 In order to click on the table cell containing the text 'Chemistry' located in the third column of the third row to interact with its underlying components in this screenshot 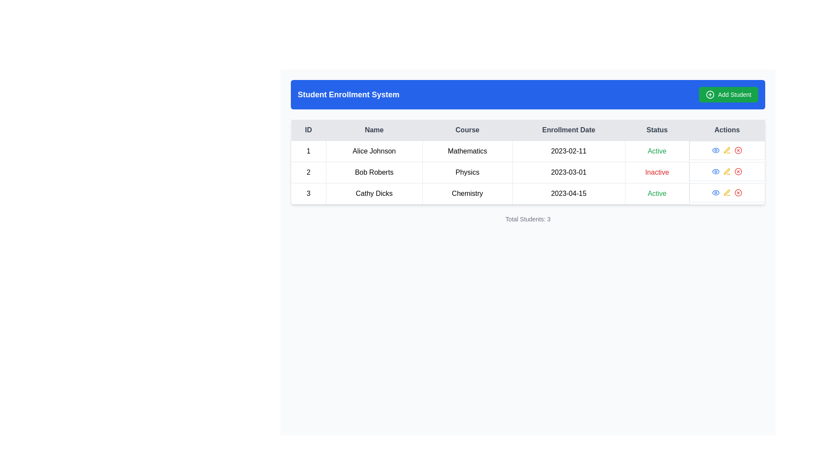, I will do `click(467, 193)`.